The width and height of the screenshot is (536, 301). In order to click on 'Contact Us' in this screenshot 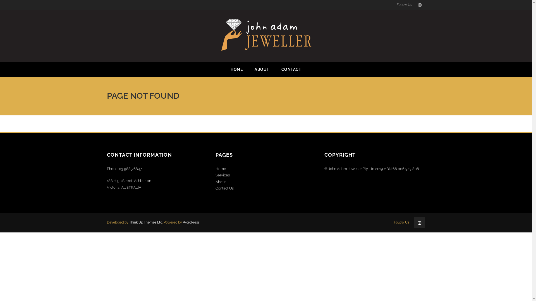, I will do `click(224, 188)`.